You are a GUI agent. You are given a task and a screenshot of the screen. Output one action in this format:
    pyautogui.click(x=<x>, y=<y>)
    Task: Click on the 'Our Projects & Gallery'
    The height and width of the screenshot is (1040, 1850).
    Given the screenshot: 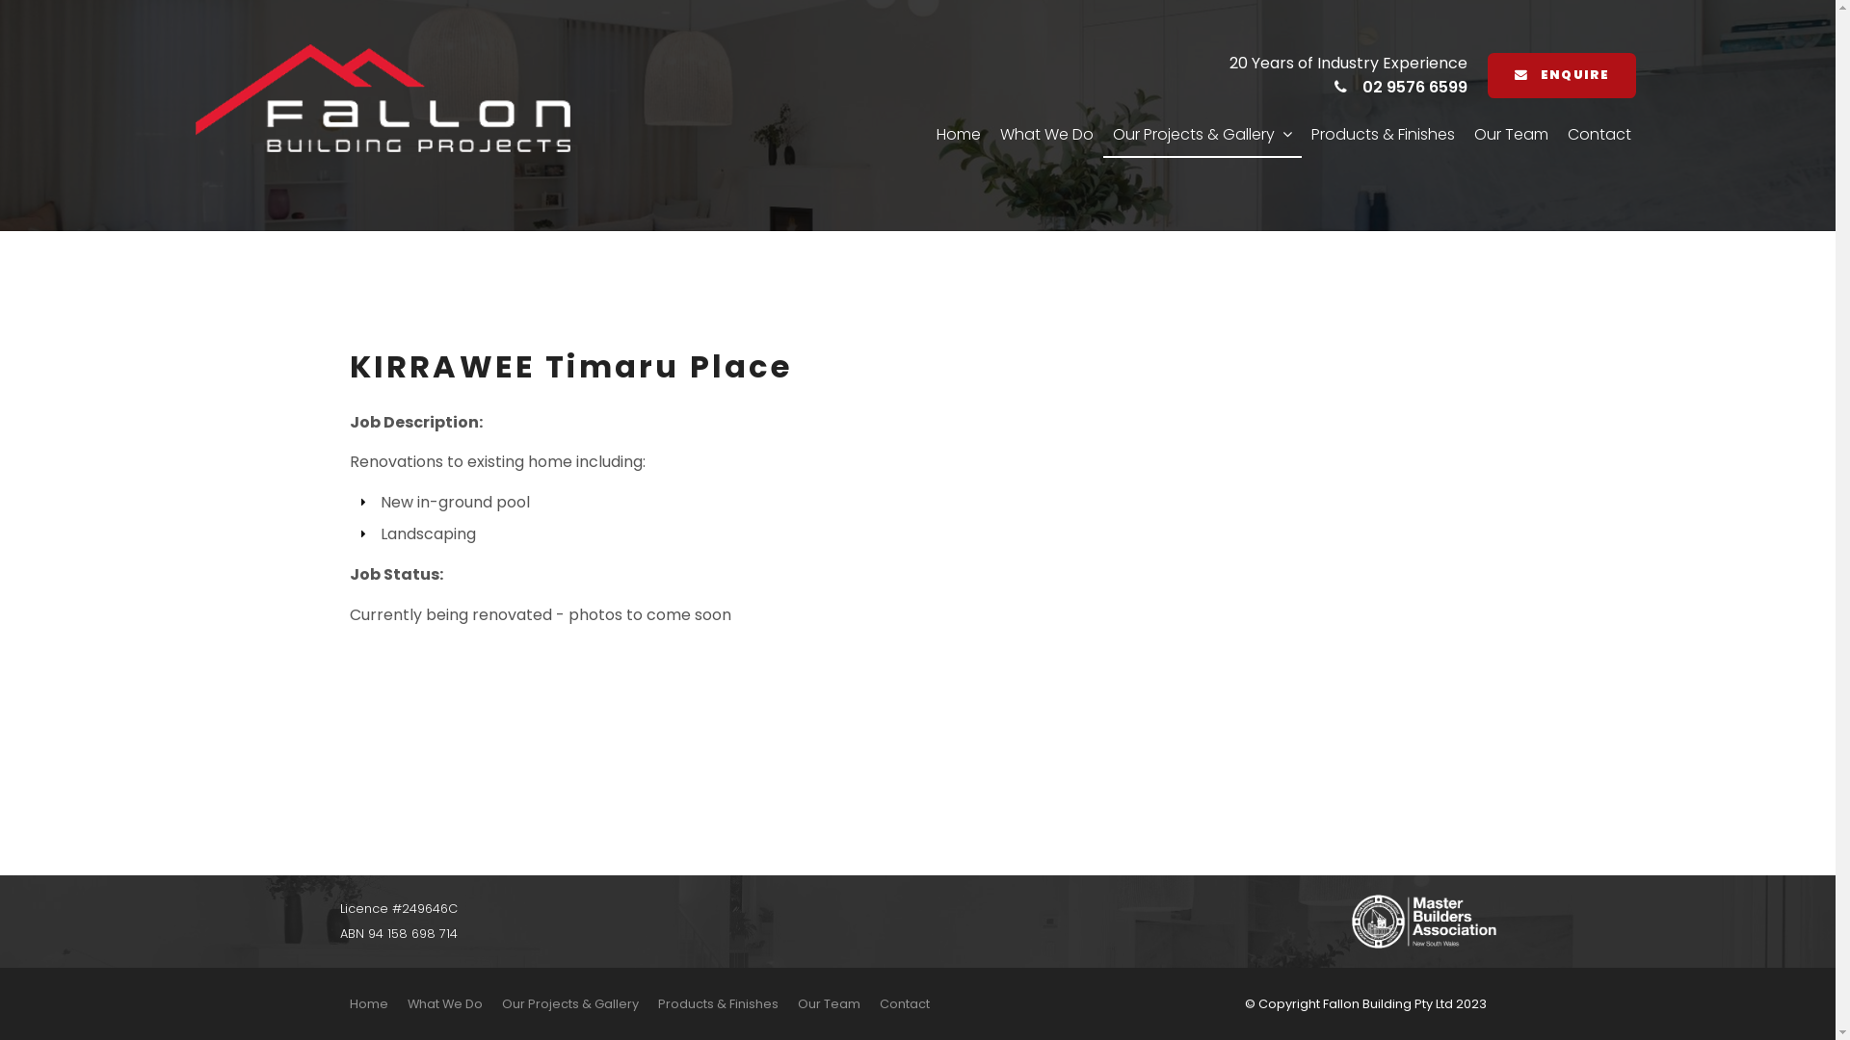 What is the action you would take?
    pyautogui.click(x=490, y=1002)
    